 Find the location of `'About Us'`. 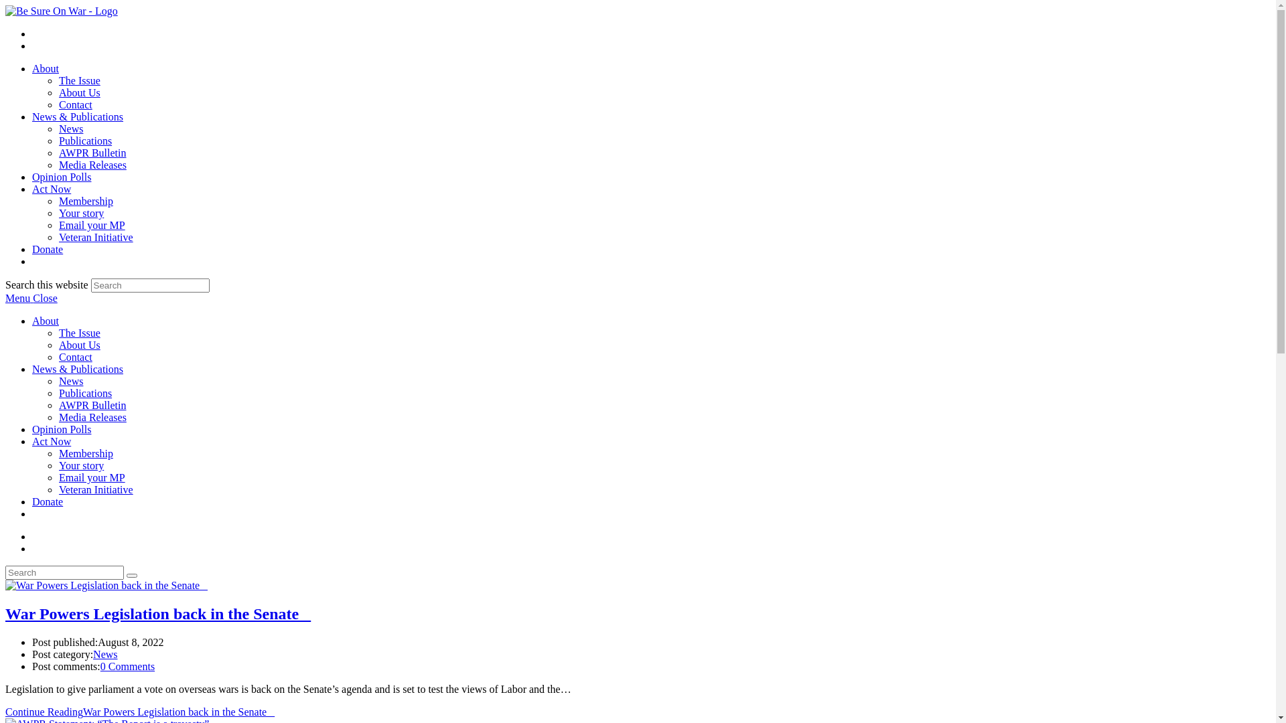

'About Us' is located at coordinates (58, 92).